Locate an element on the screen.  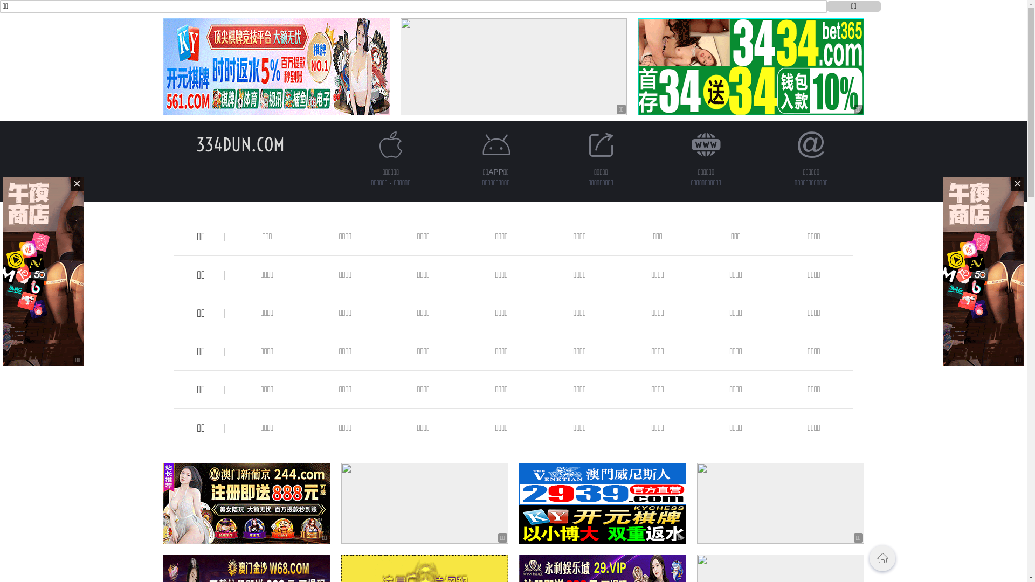
'334DUN.COM' is located at coordinates (240, 144).